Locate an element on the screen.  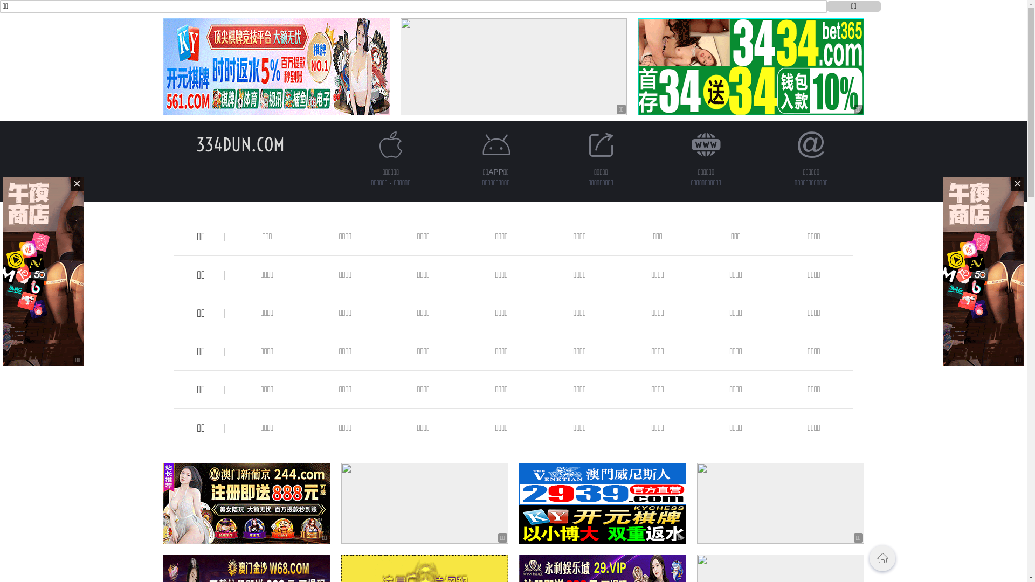
'334DUN.COM' is located at coordinates (240, 144).